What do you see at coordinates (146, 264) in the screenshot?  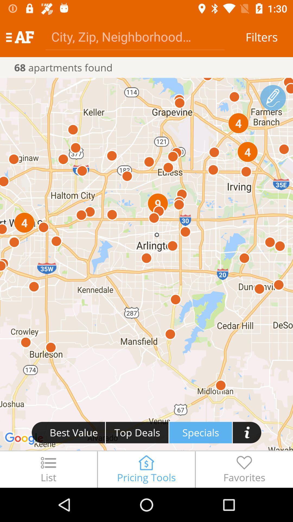 I see `icon above list item` at bounding box center [146, 264].